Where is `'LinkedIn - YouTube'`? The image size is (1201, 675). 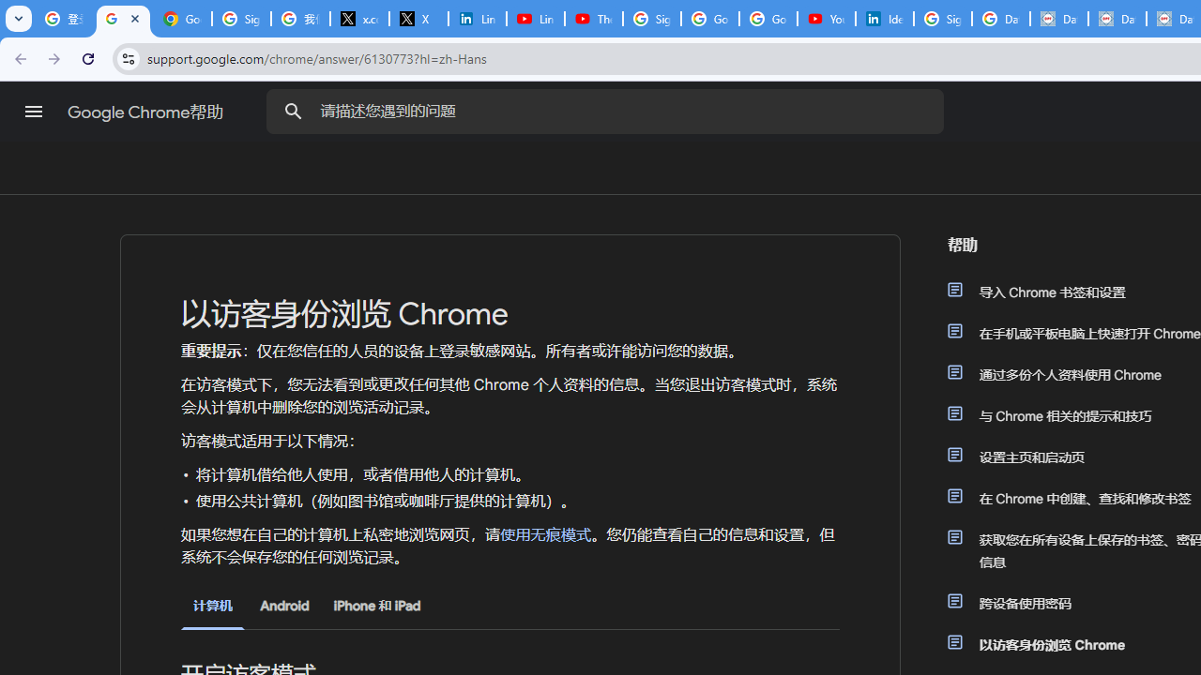
'LinkedIn - YouTube' is located at coordinates (534, 19).